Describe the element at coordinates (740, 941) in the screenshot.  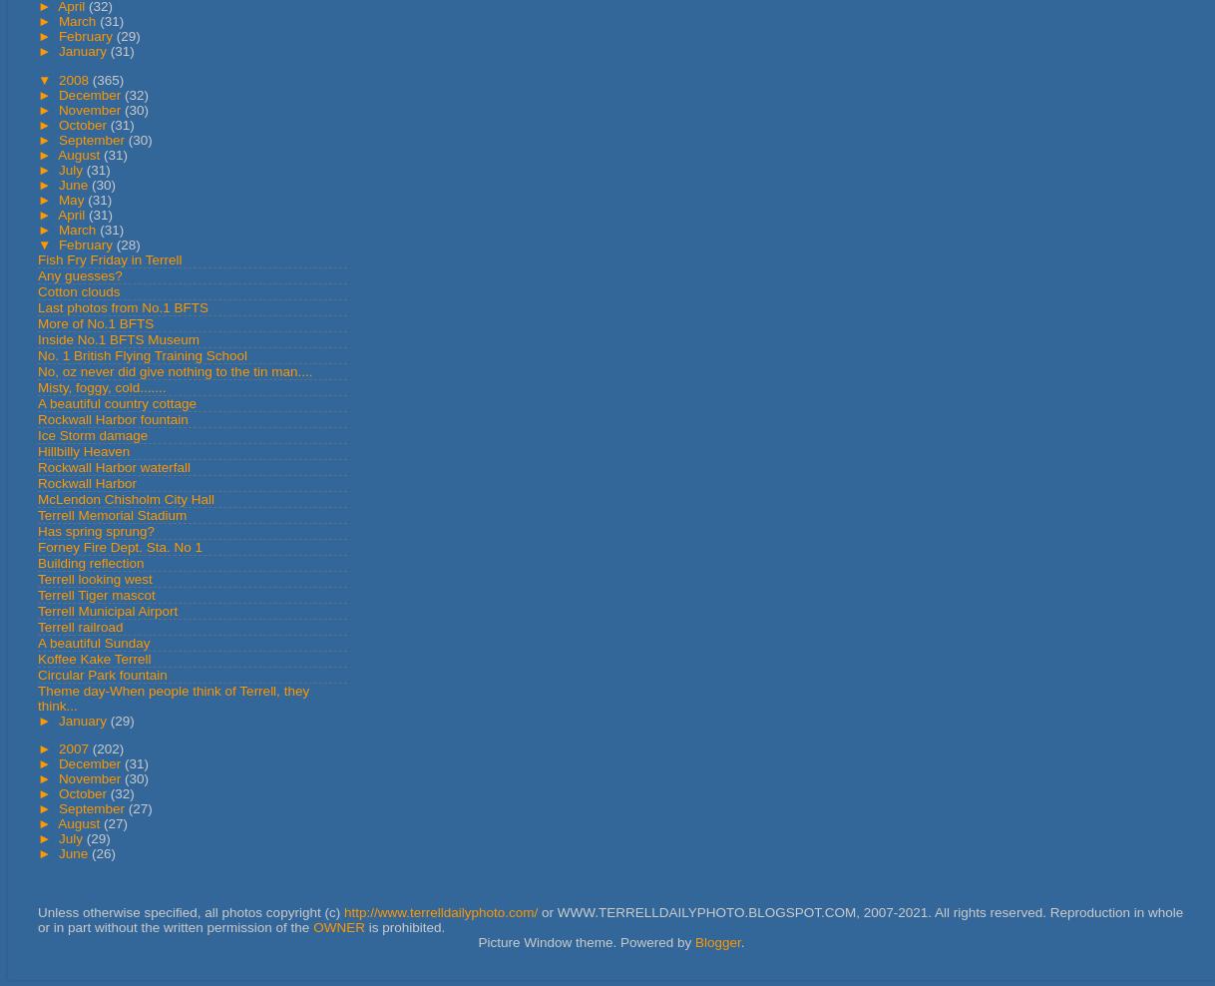
I see `'.'` at that location.